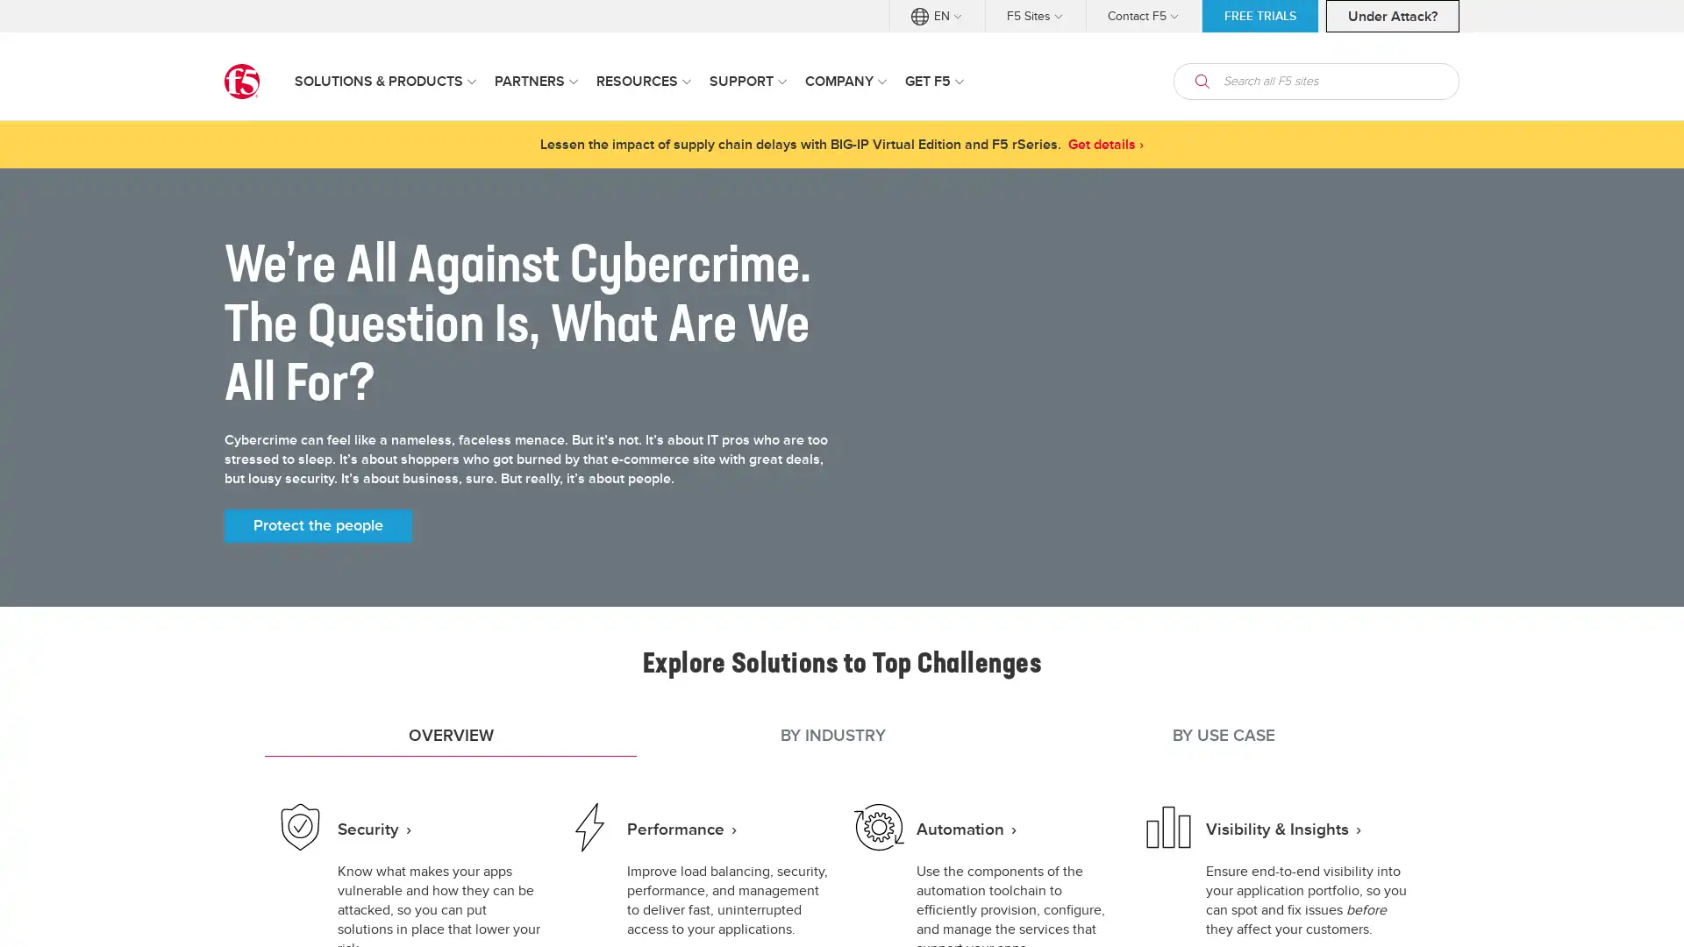  What do you see at coordinates (1200, 81) in the screenshot?
I see `open search` at bounding box center [1200, 81].